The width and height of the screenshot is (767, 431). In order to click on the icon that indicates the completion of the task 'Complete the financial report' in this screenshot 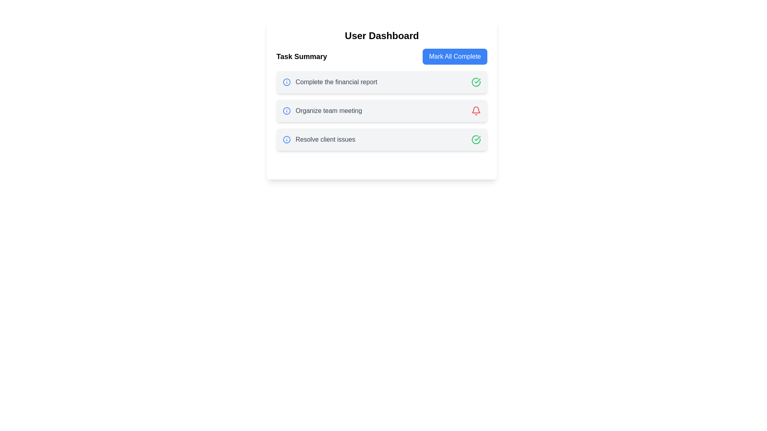, I will do `click(476, 82)`.